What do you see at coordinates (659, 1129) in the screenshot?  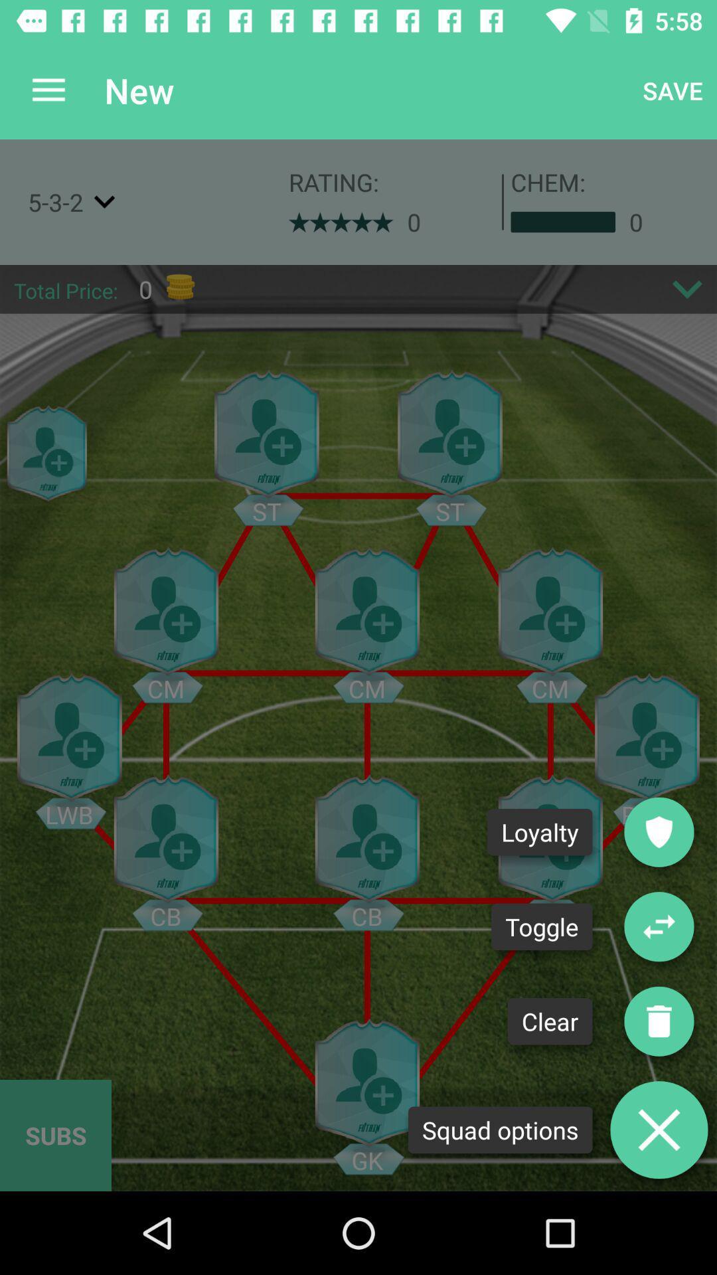 I see `the close icon` at bounding box center [659, 1129].